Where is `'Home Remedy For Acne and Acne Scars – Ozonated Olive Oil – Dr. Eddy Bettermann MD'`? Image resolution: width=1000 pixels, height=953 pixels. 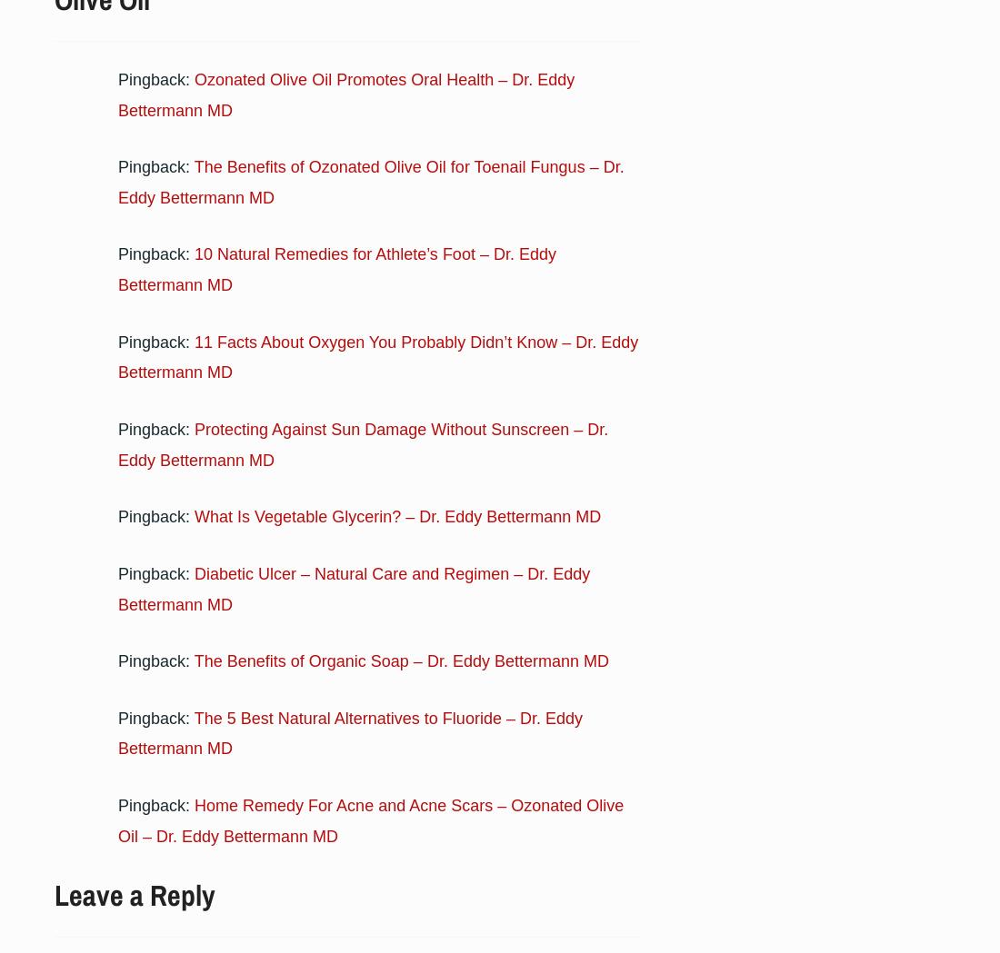
'Home Remedy For Acne and Acne Scars – Ozonated Olive Oil – Dr. Eddy Bettermann MD' is located at coordinates (118, 819).